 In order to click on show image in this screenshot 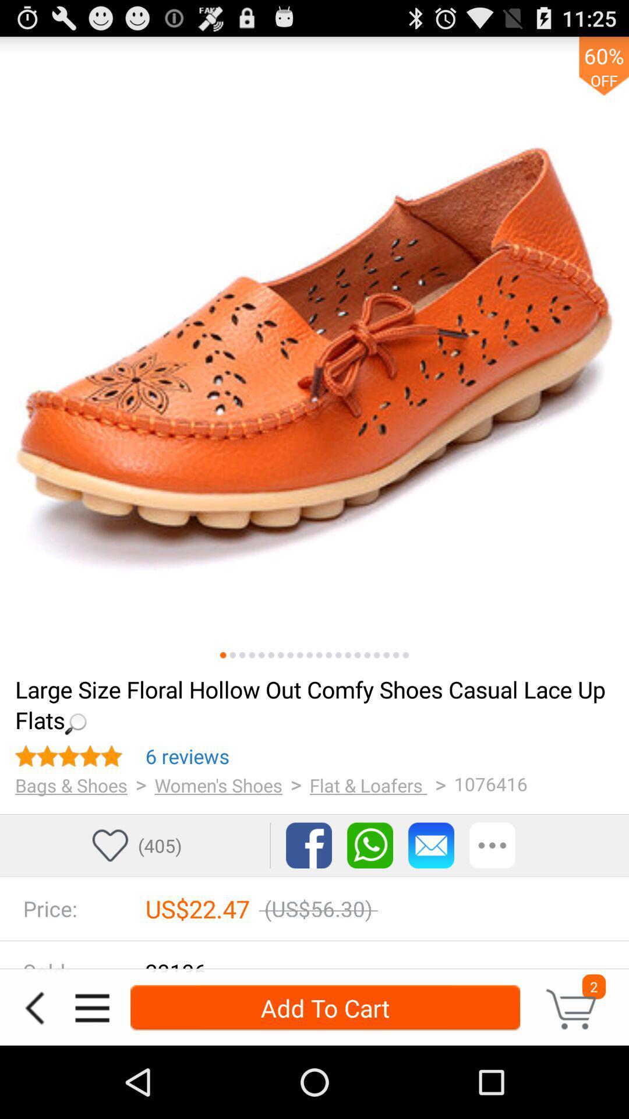, I will do `click(367, 655)`.